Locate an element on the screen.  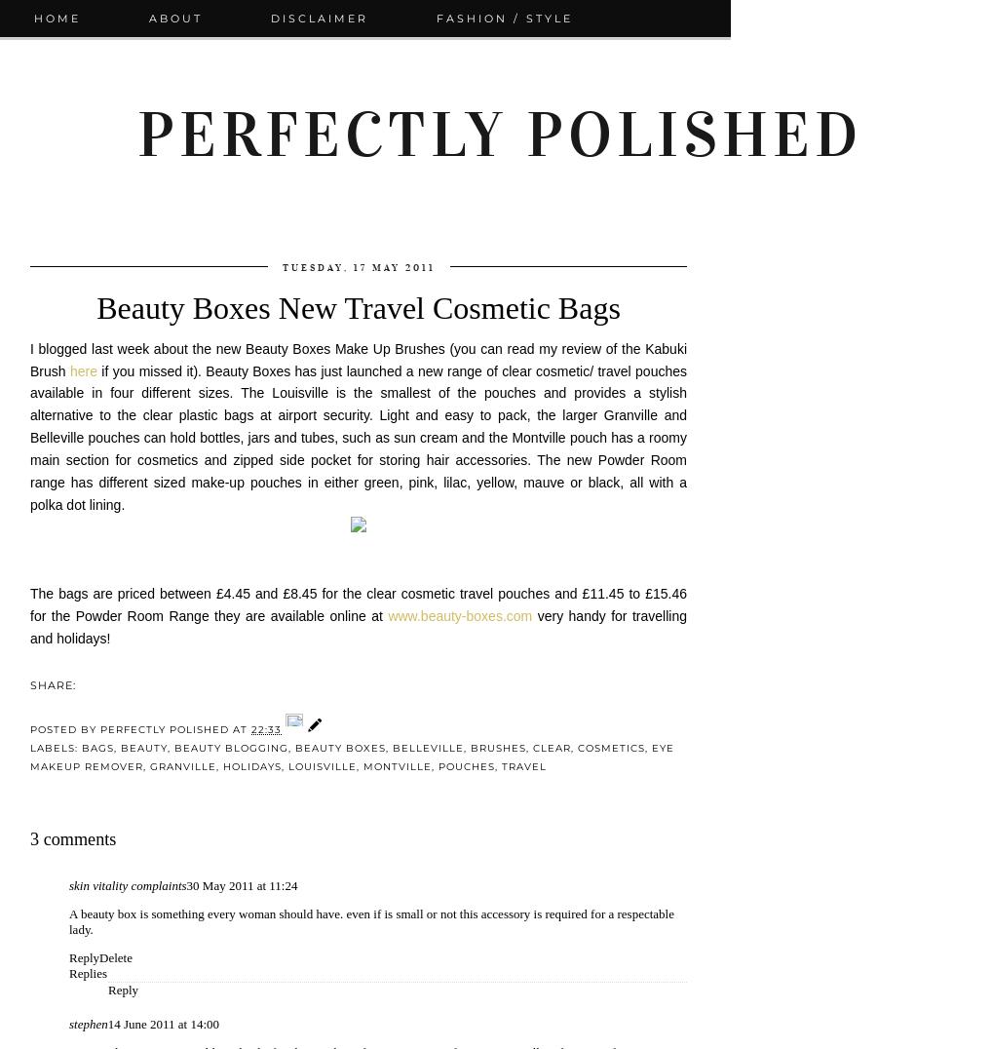
'Labels:' is located at coordinates (56, 747).